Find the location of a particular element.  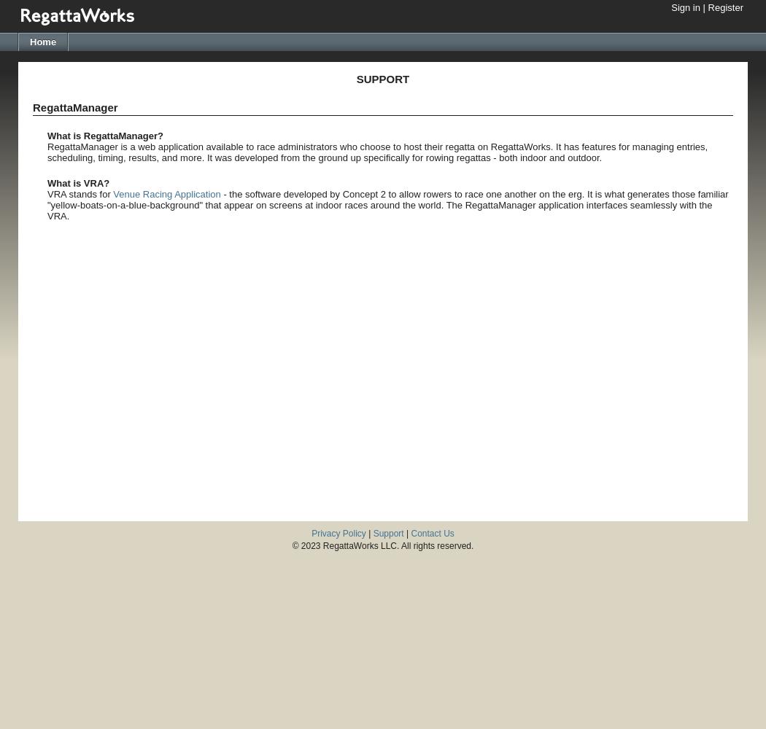

'Support' is located at coordinates (388, 533).